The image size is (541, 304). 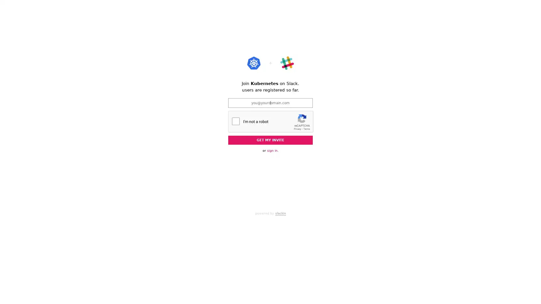 What do you see at coordinates (270, 140) in the screenshot?
I see `GET MY INVITE` at bounding box center [270, 140].